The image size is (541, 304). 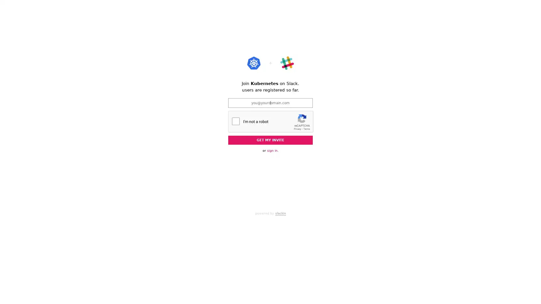 What do you see at coordinates (270, 140) in the screenshot?
I see `GET MY INVITE` at bounding box center [270, 140].